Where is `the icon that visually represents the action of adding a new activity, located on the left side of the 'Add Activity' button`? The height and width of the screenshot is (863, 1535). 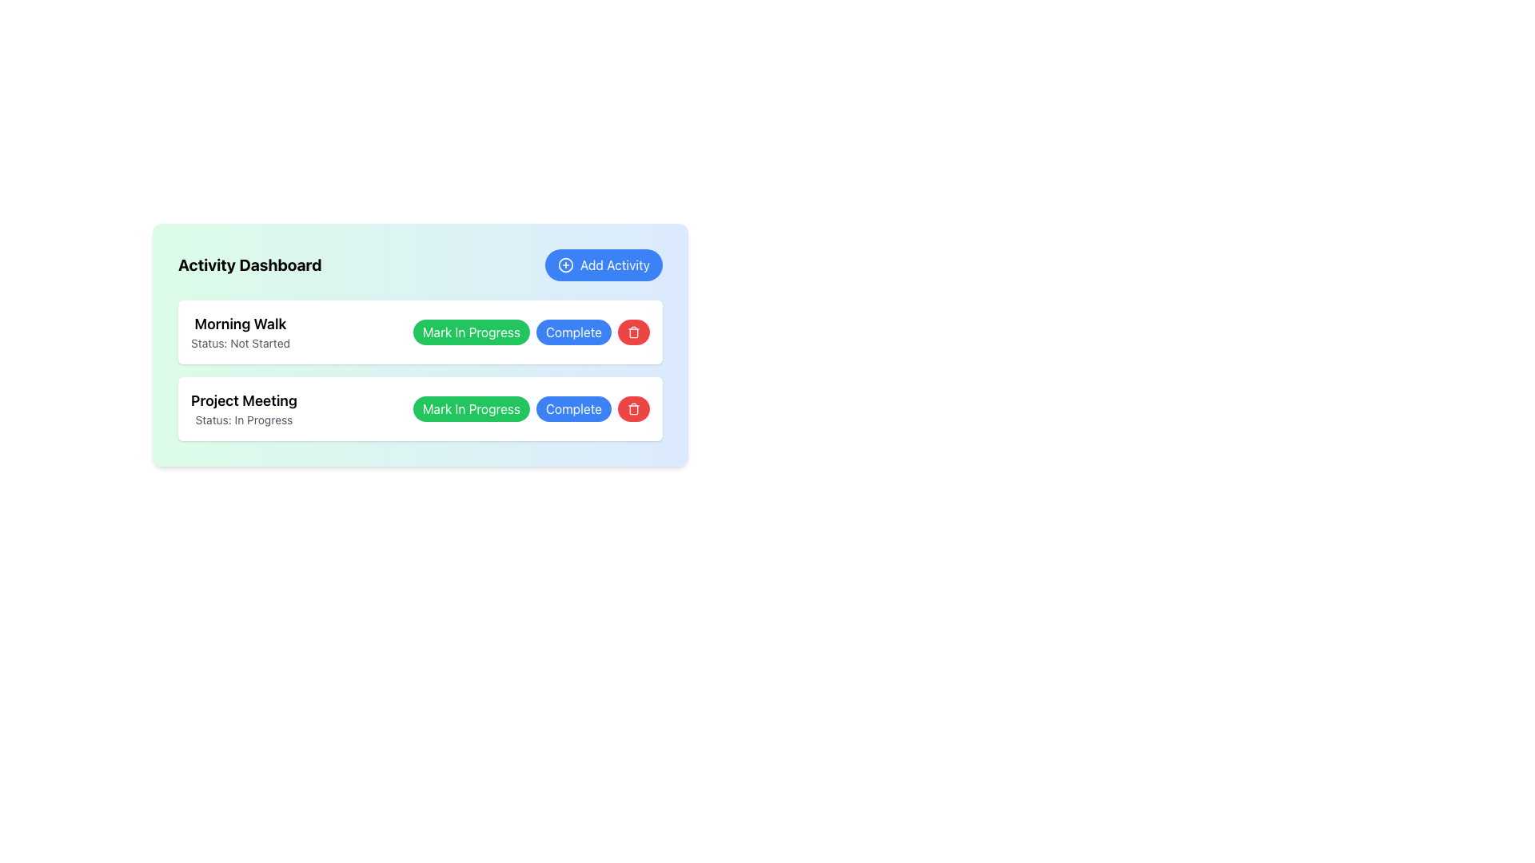
the icon that visually represents the action of adding a new activity, located on the left side of the 'Add Activity' button is located at coordinates (565, 264).